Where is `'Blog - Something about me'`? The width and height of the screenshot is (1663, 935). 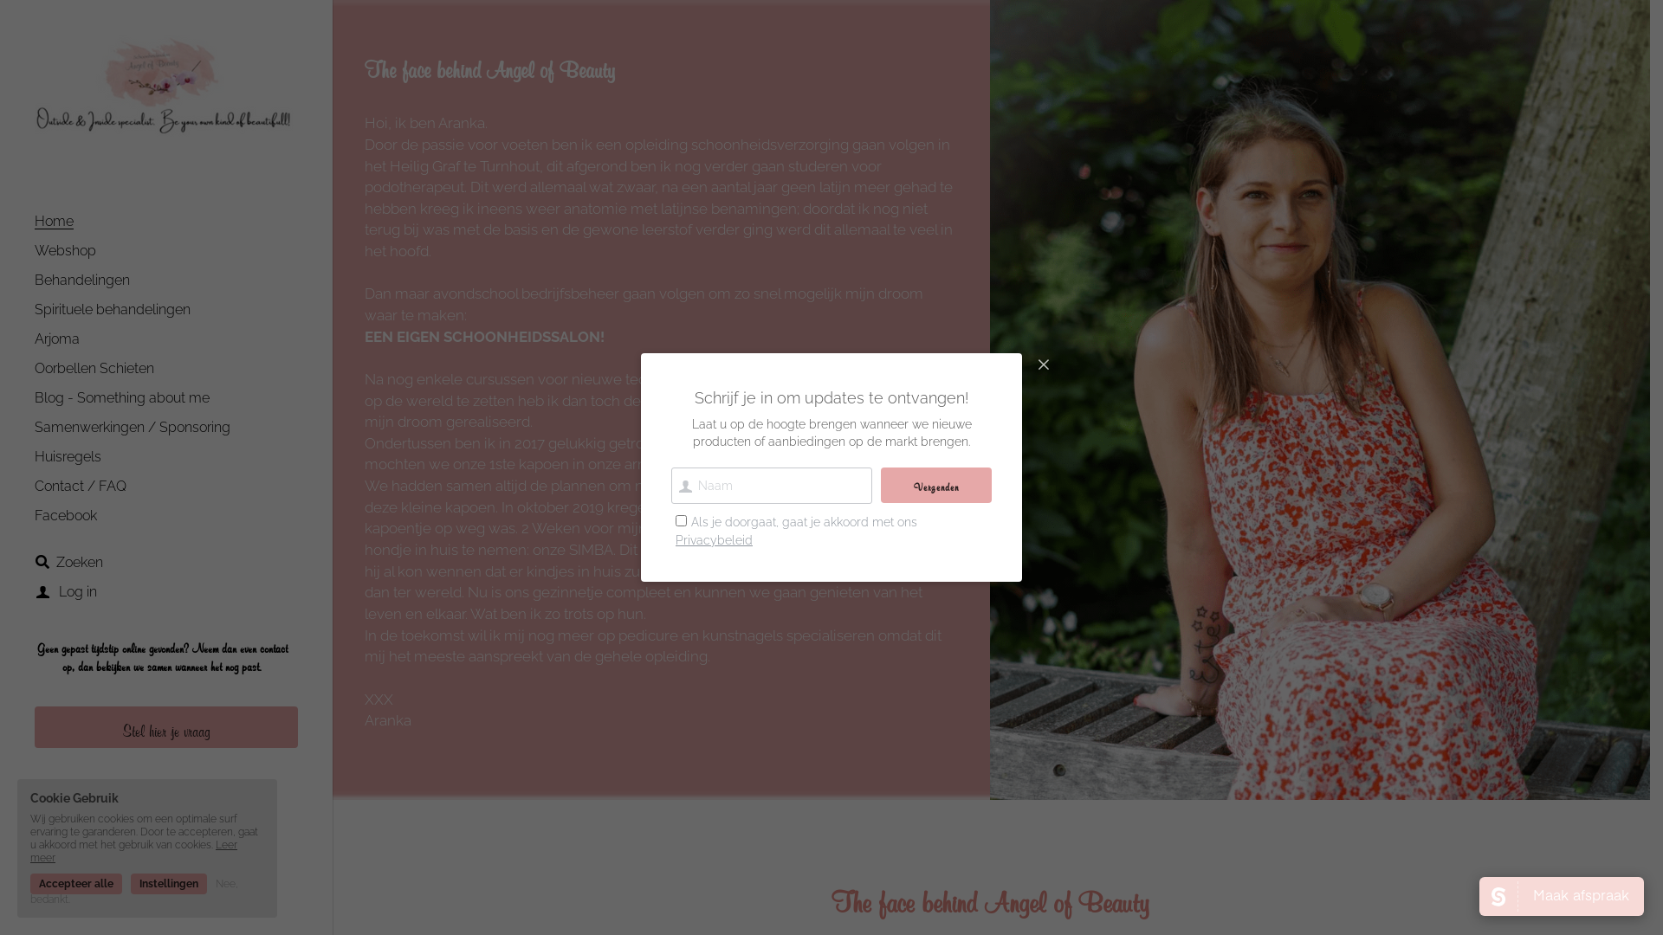
'Blog - Something about me' is located at coordinates (120, 397).